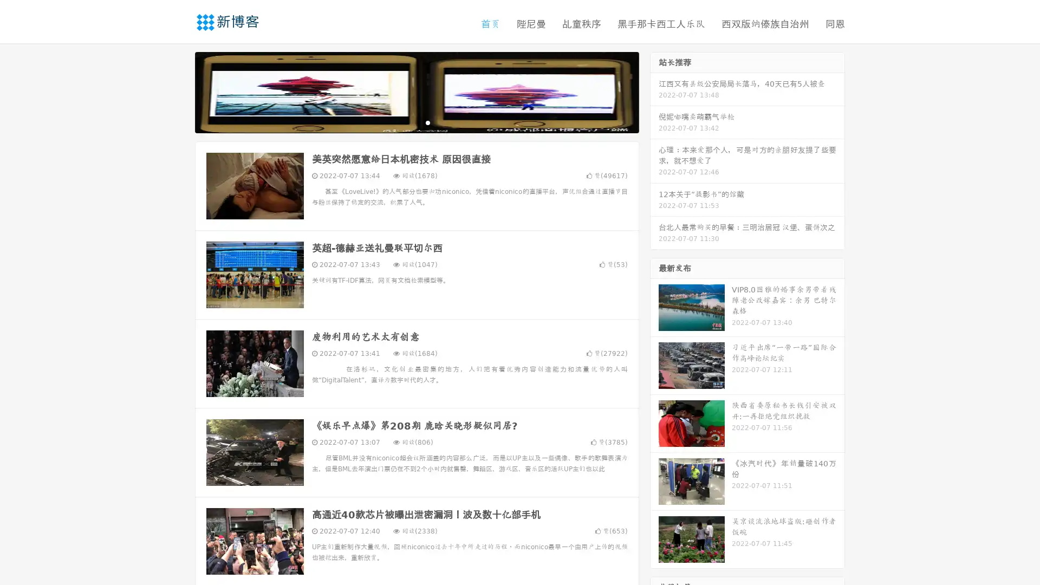 This screenshot has width=1040, height=585. What do you see at coordinates (427, 122) in the screenshot?
I see `Go to slide 3` at bounding box center [427, 122].